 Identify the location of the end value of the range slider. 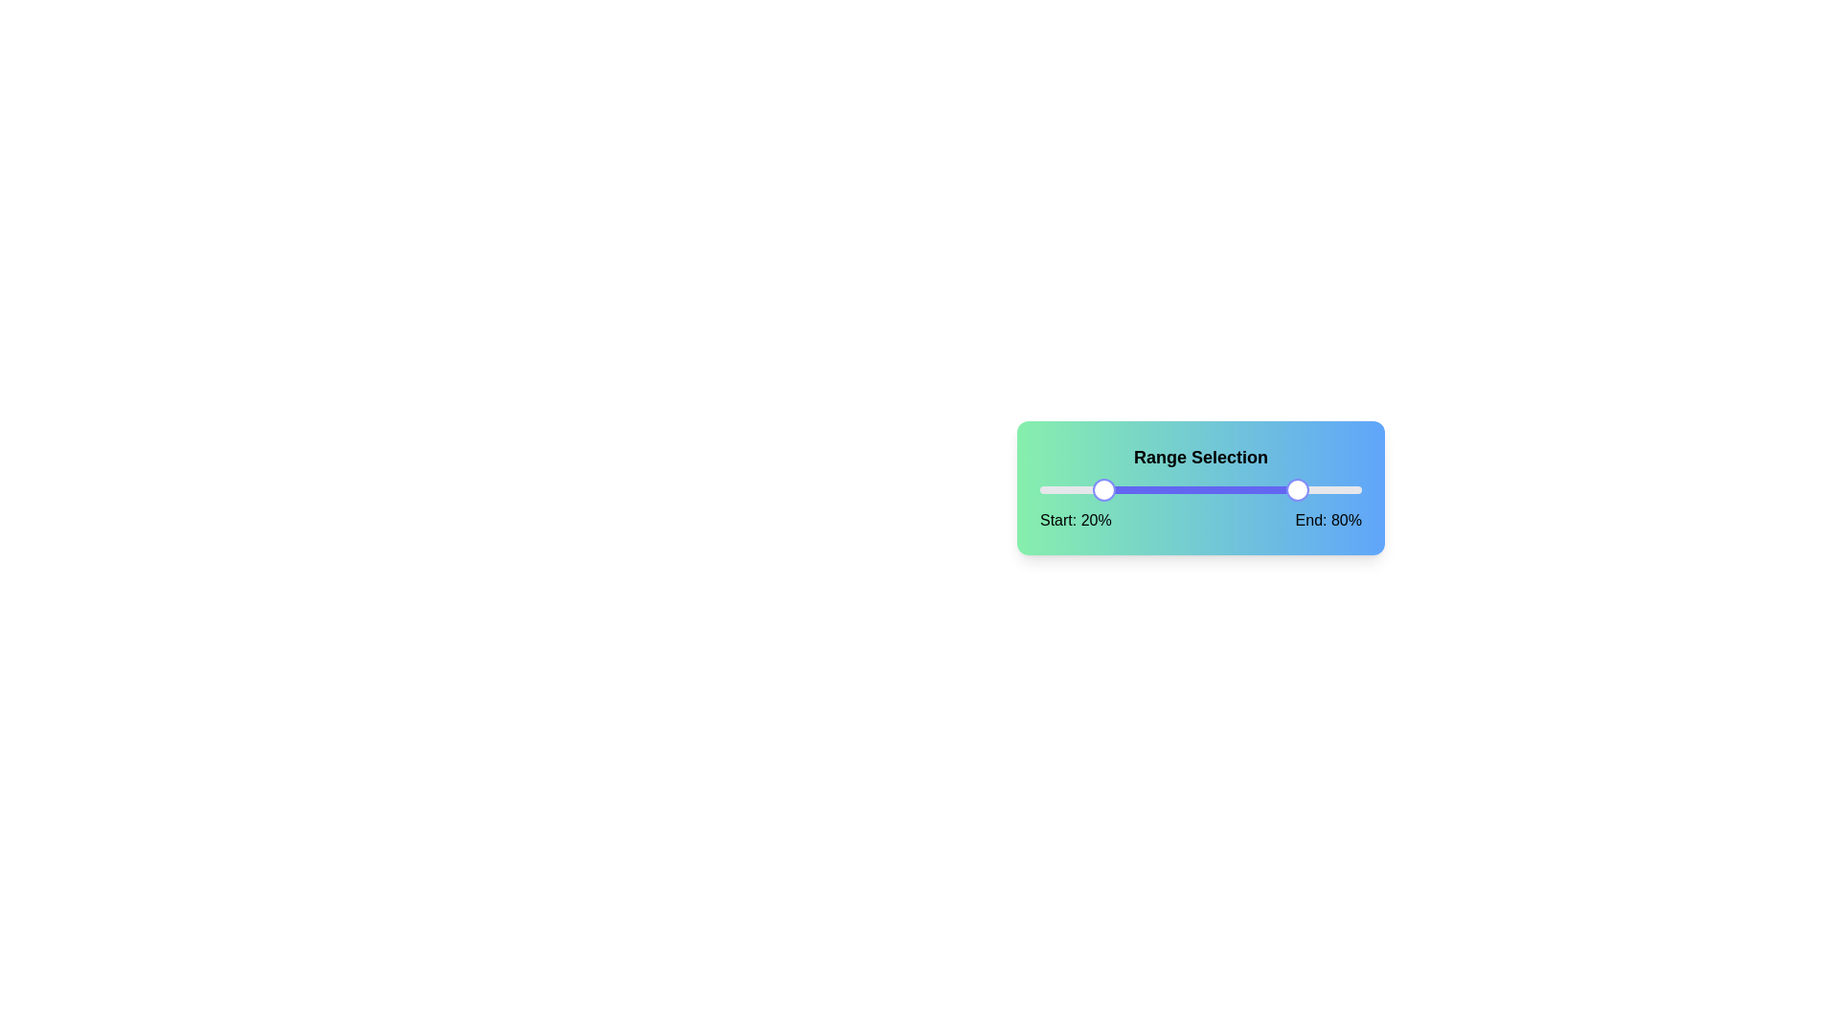
(1256, 489).